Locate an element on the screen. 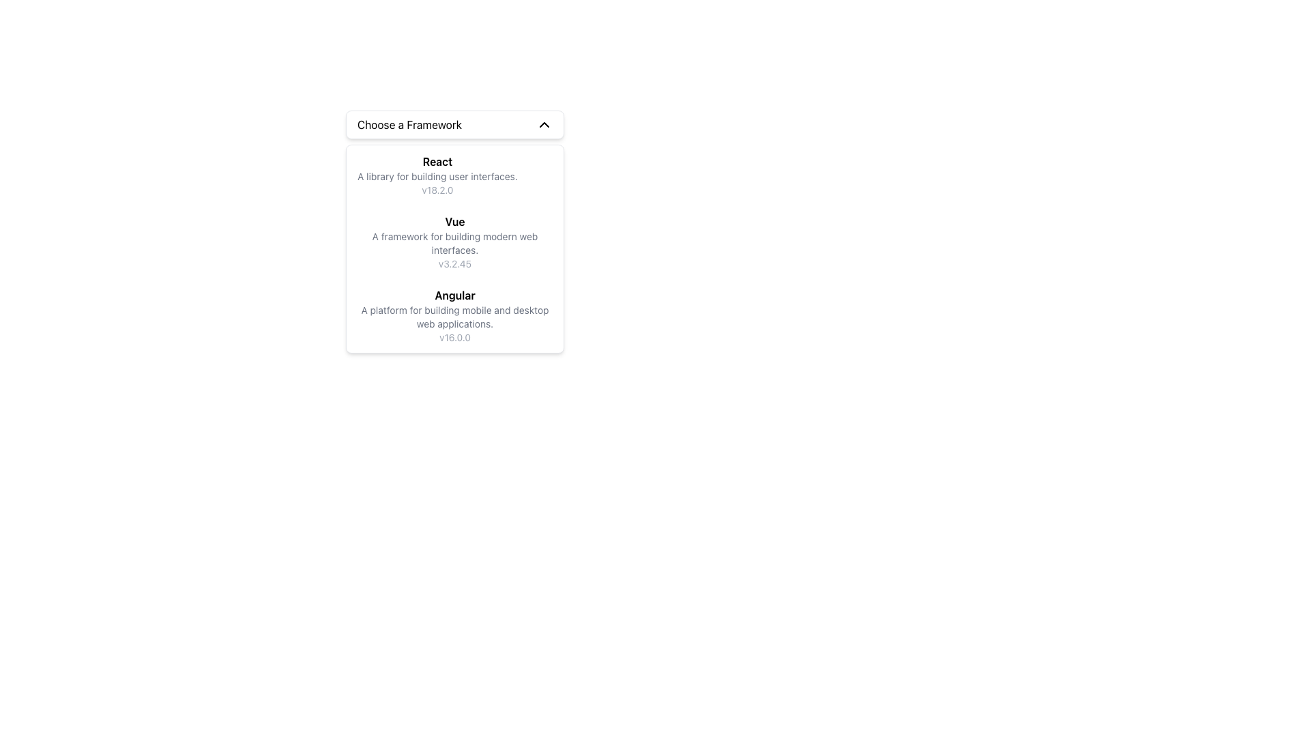  the text label that displays the version number of the 'React' framework, located beneath the description 'A library for building user interfaces.' is located at coordinates (437, 190).